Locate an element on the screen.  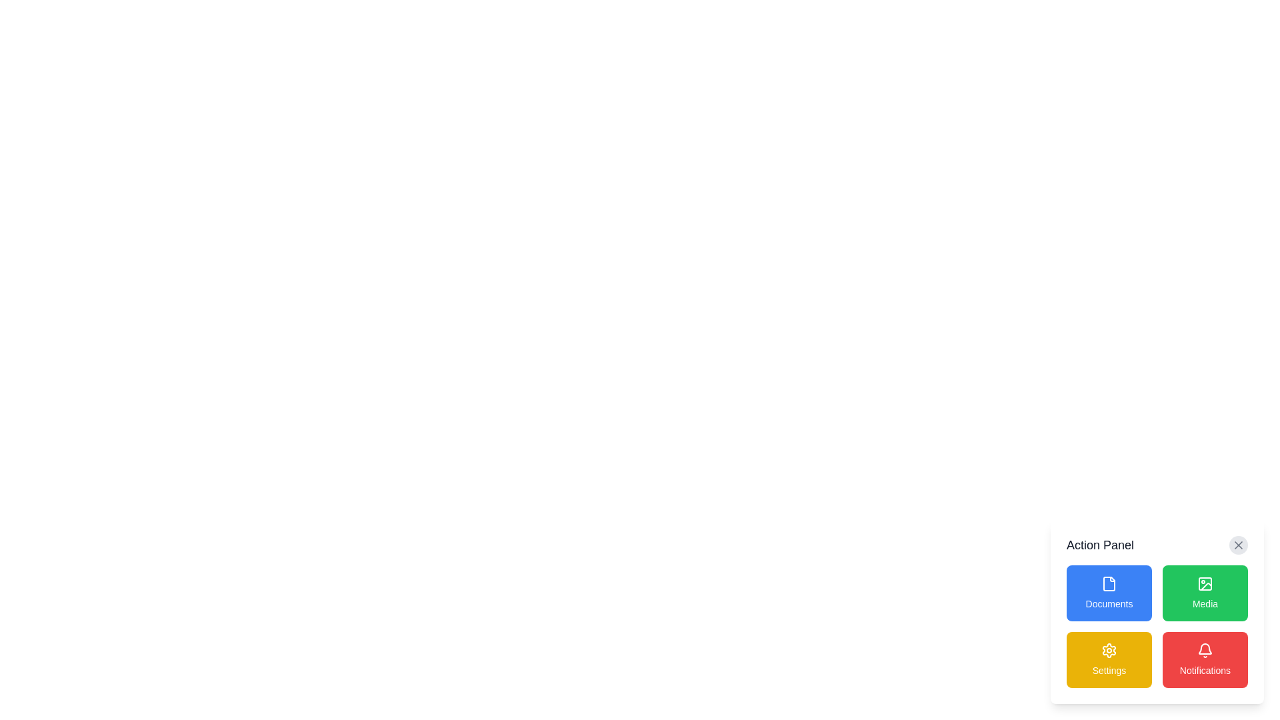
the gear-shaped icon located within the golden 'Settings' button in the lower-right section of the 'Action Panel' is located at coordinates (1109, 649).